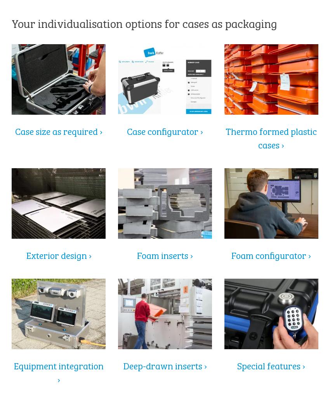 The width and height of the screenshot is (330, 412). What do you see at coordinates (163, 364) in the screenshot?
I see `'Deep-drawn inserts'` at bounding box center [163, 364].